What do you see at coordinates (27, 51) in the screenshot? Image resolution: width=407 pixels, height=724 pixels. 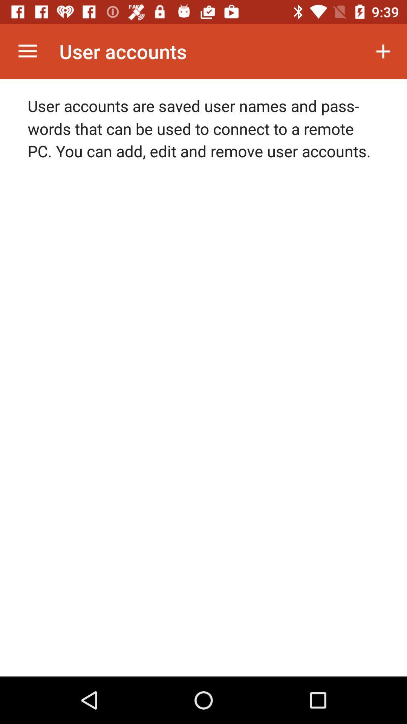 I see `the icon next to the user accounts icon` at bounding box center [27, 51].